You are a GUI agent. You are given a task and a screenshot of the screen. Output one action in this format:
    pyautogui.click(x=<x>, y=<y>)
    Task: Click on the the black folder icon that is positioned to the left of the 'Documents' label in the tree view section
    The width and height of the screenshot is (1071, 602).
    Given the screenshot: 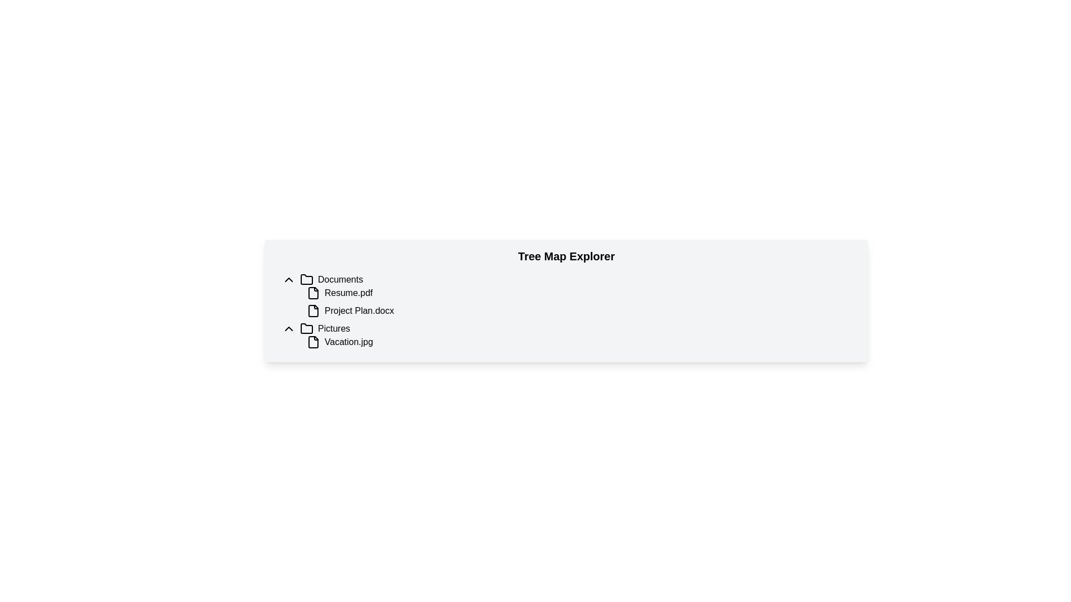 What is the action you would take?
    pyautogui.click(x=307, y=279)
    